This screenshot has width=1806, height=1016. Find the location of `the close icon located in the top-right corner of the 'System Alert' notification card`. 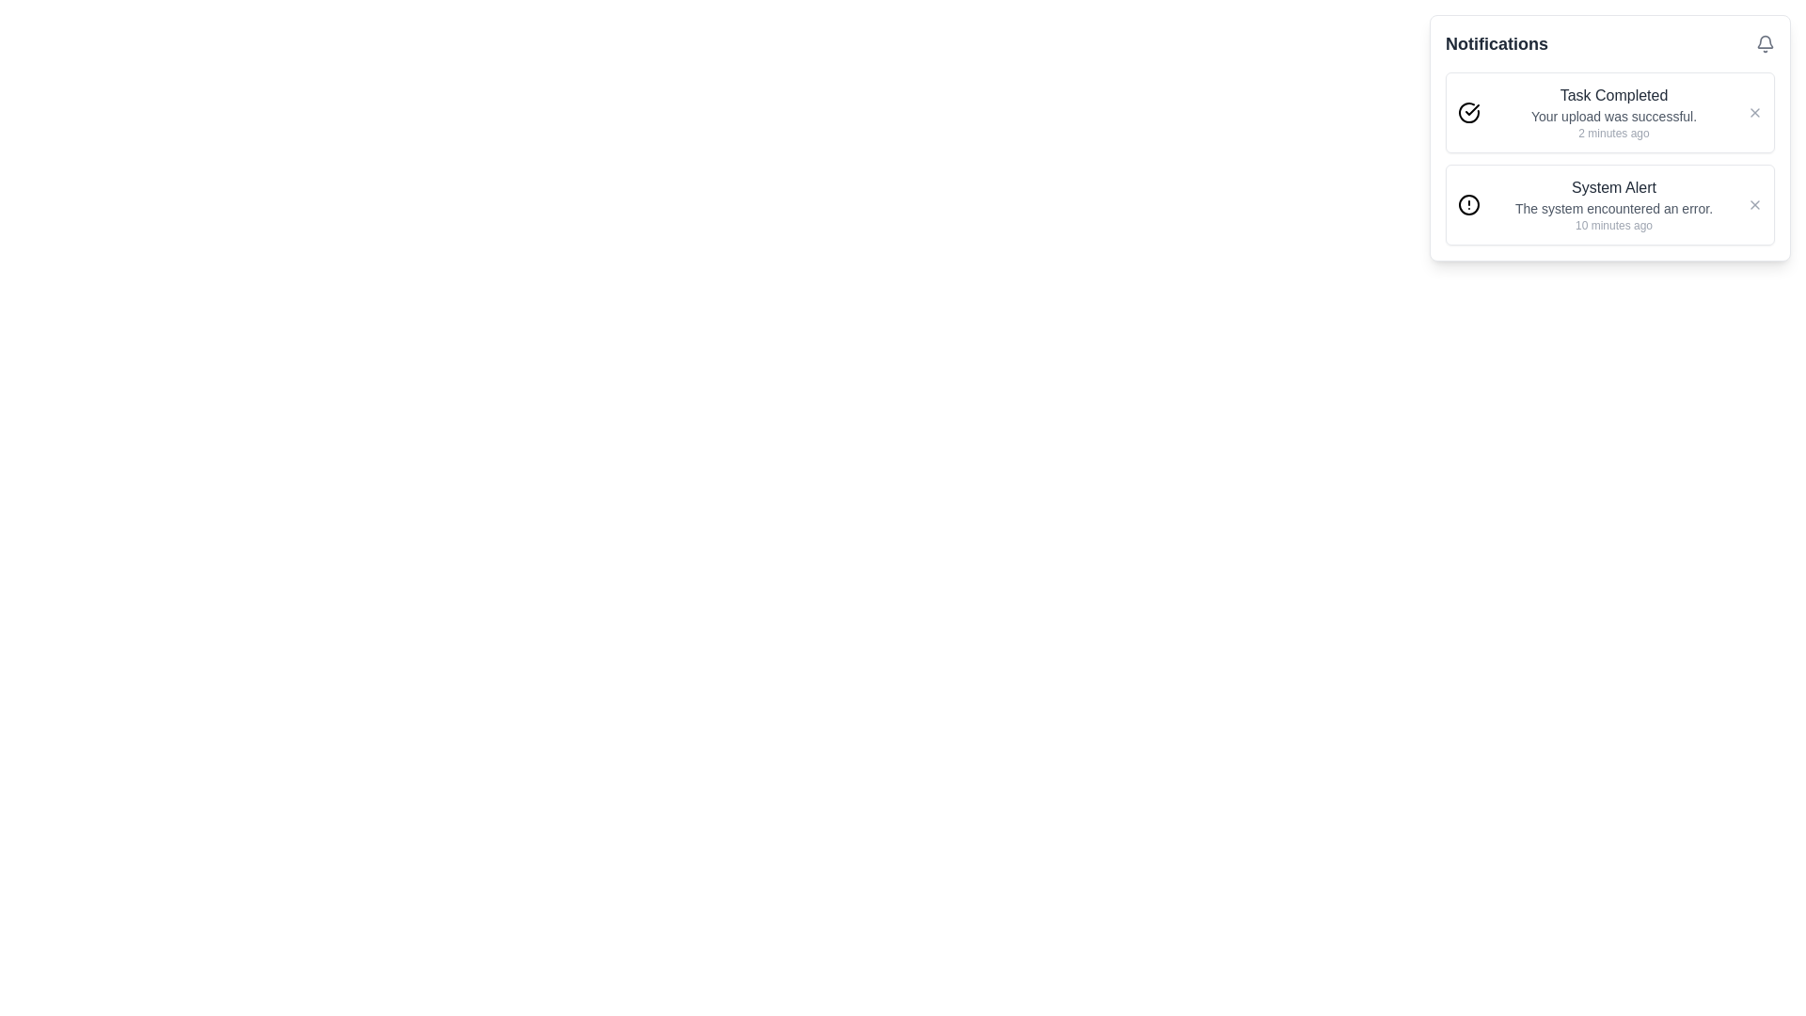

the close icon located in the top-right corner of the 'System Alert' notification card is located at coordinates (1754, 205).